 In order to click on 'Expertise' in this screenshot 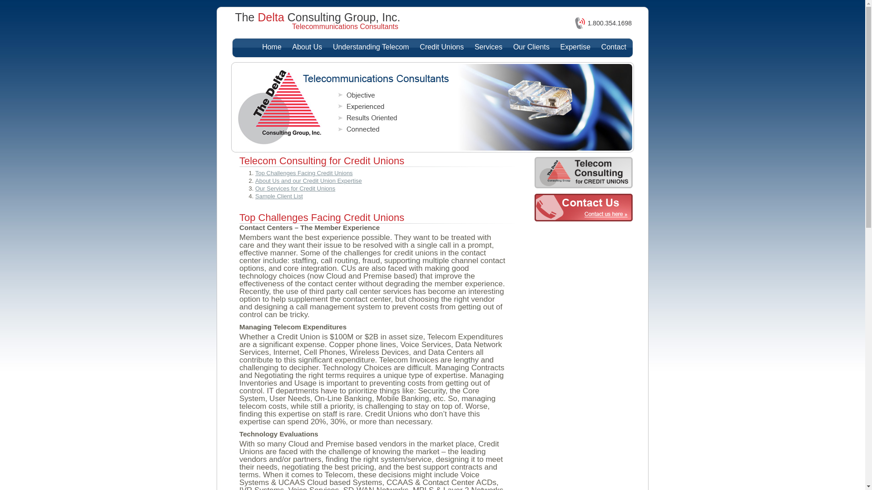, I will do `click(575, 47)`.